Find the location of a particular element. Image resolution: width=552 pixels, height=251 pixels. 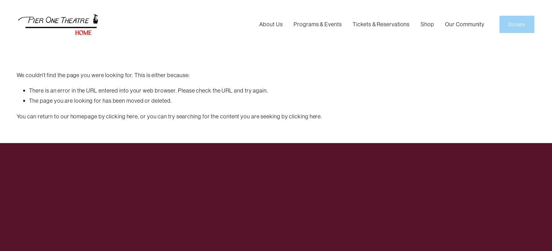

'Volunteer On Stage & Off' is located at coordinates (453, 36).